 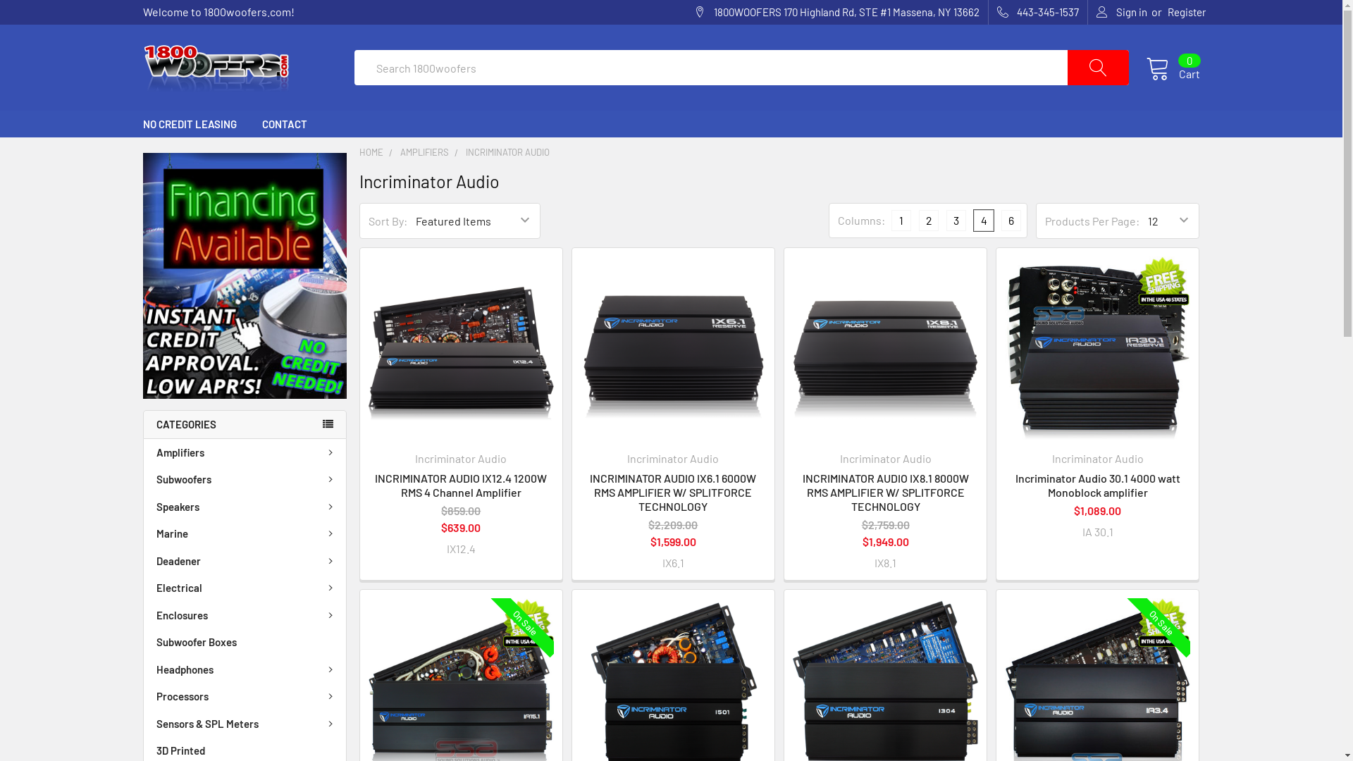 I want to click on 'Register', so click(x=1185, y=12).